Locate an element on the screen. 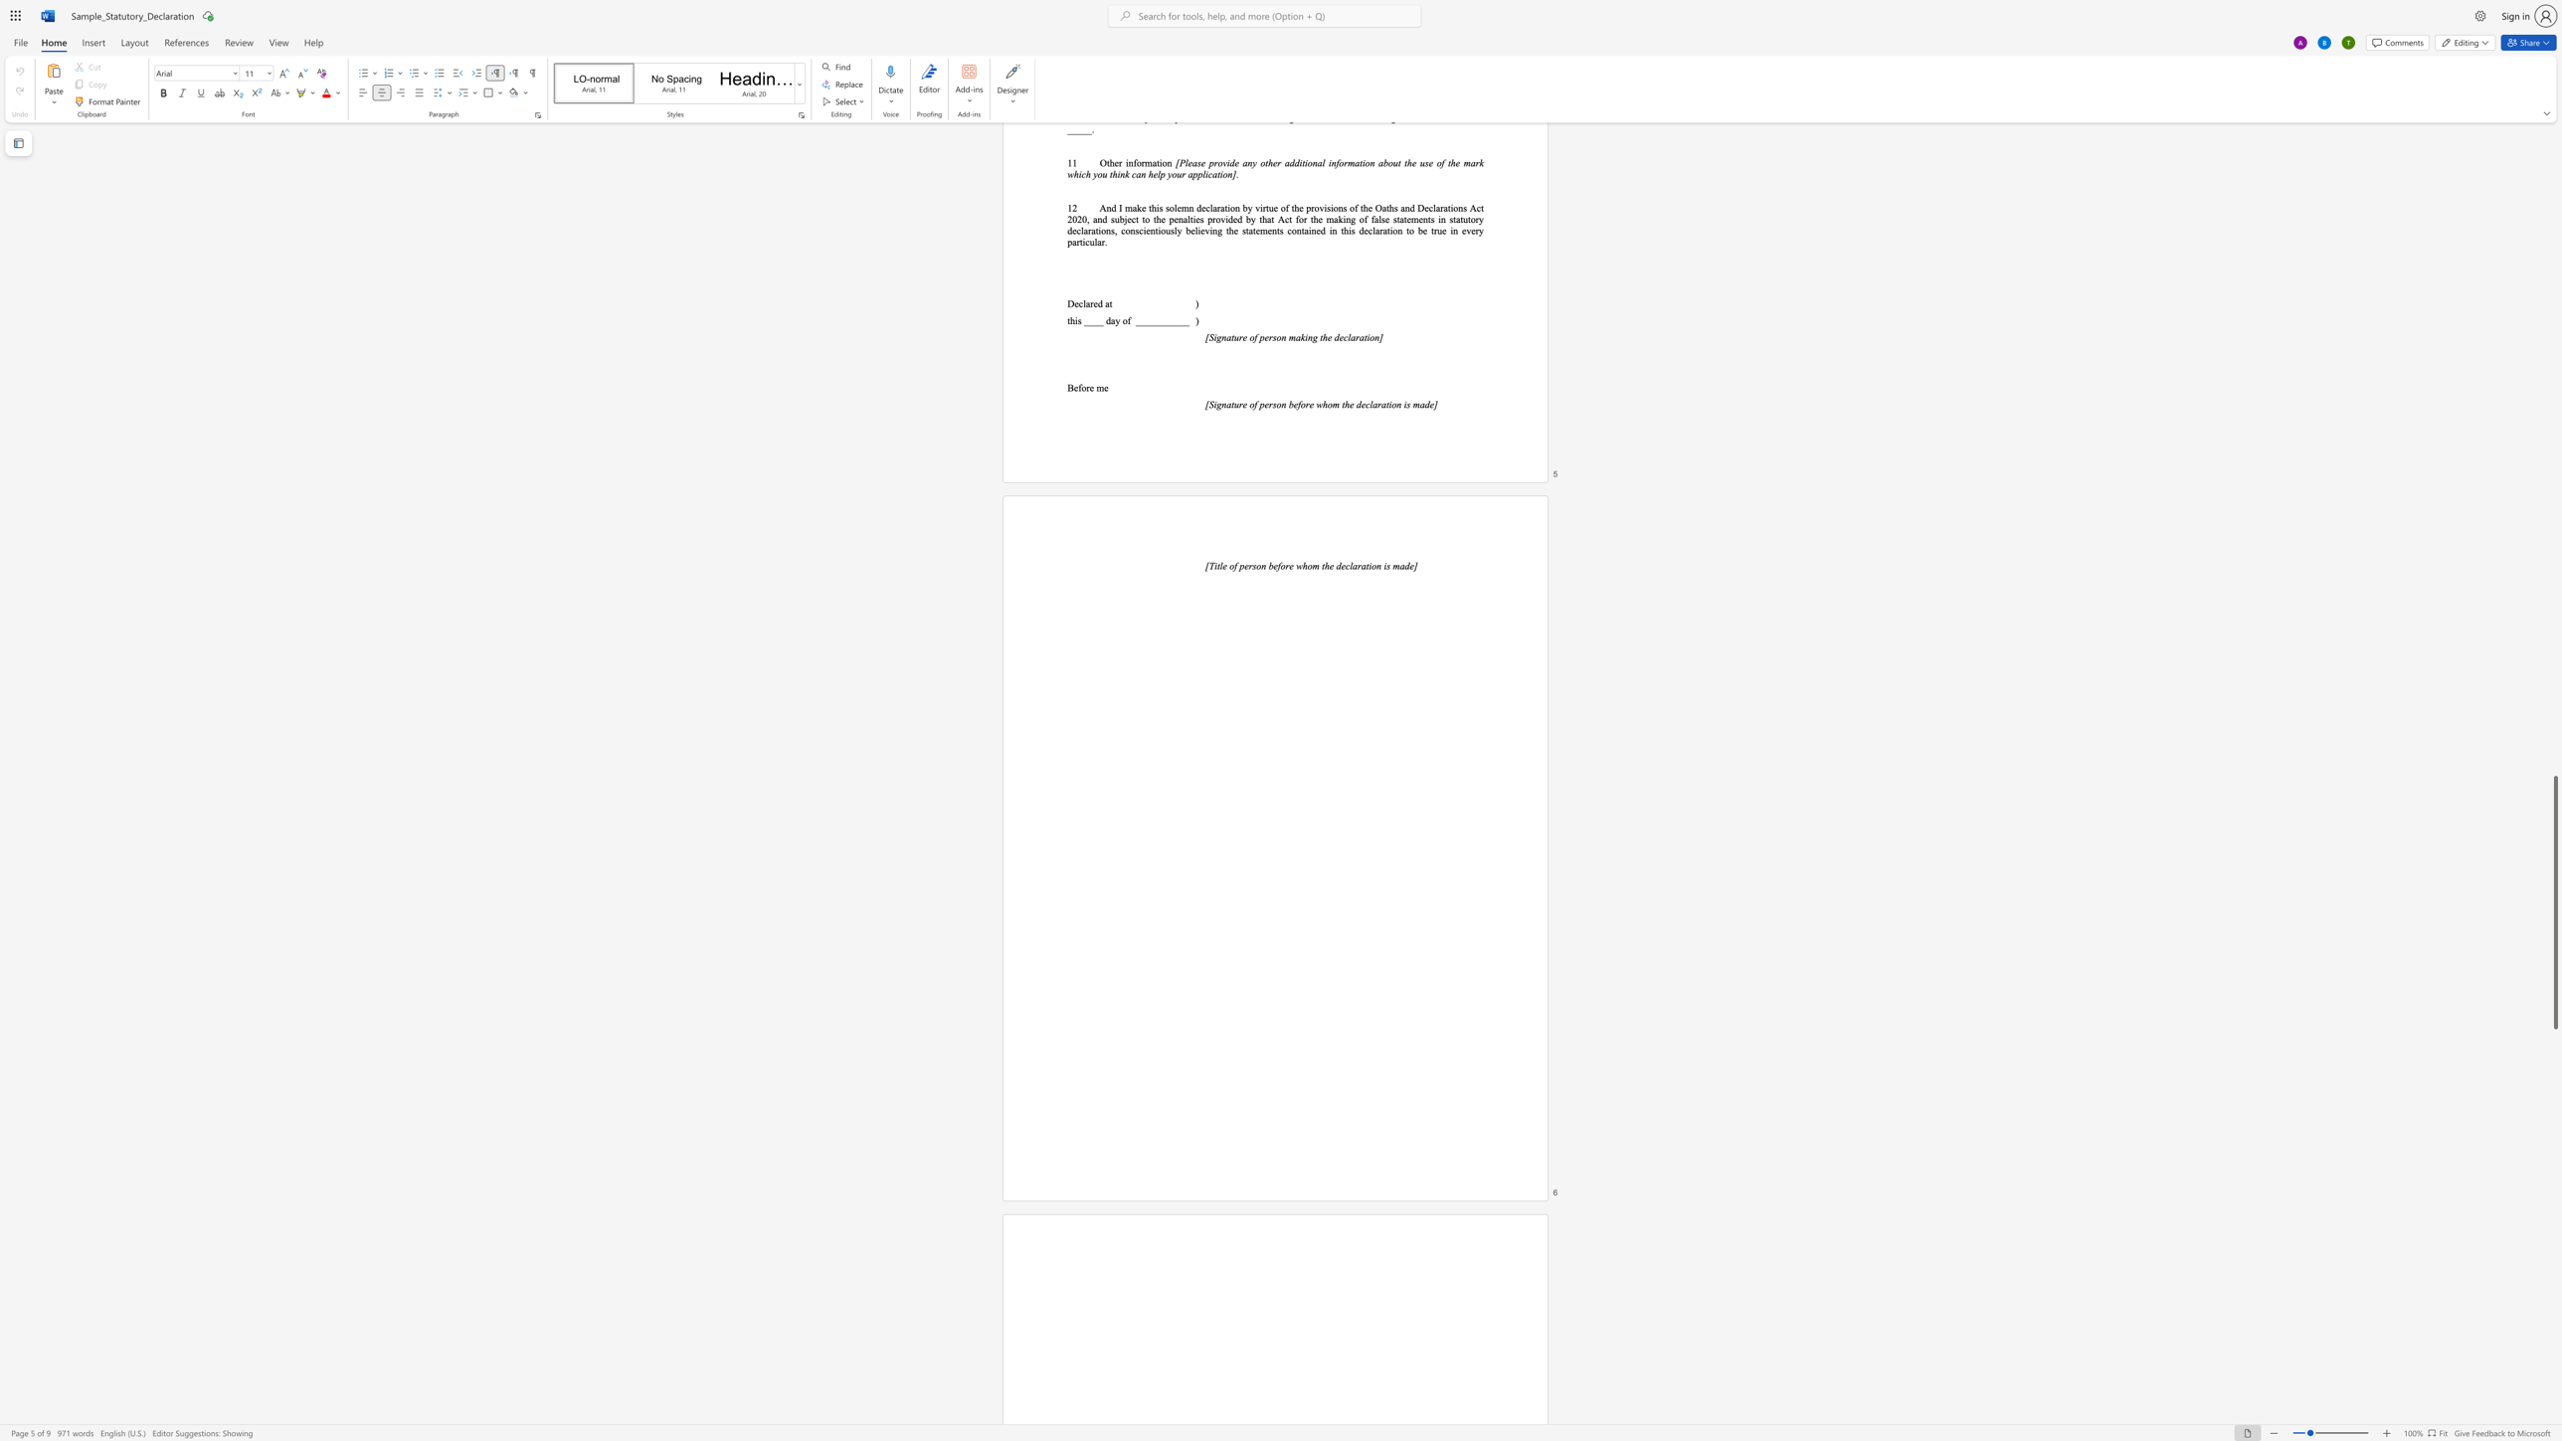  the scrollbar to scroll the page up is located at coordinates (2554, 459).